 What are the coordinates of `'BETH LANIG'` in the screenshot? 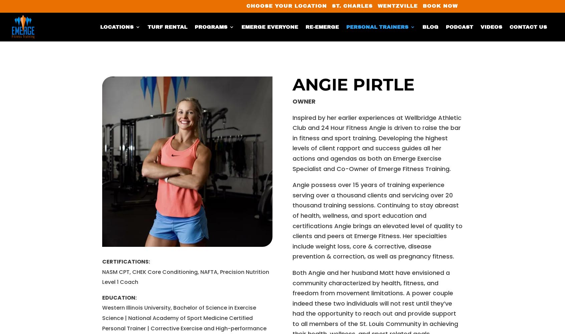 It's located at (377, 96).